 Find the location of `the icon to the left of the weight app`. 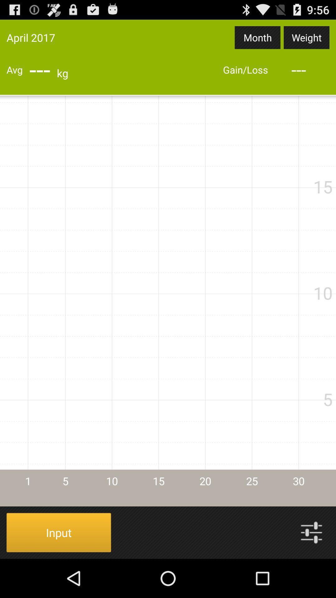

the icon to the left of the weight app is located at coordinates (258, 37).